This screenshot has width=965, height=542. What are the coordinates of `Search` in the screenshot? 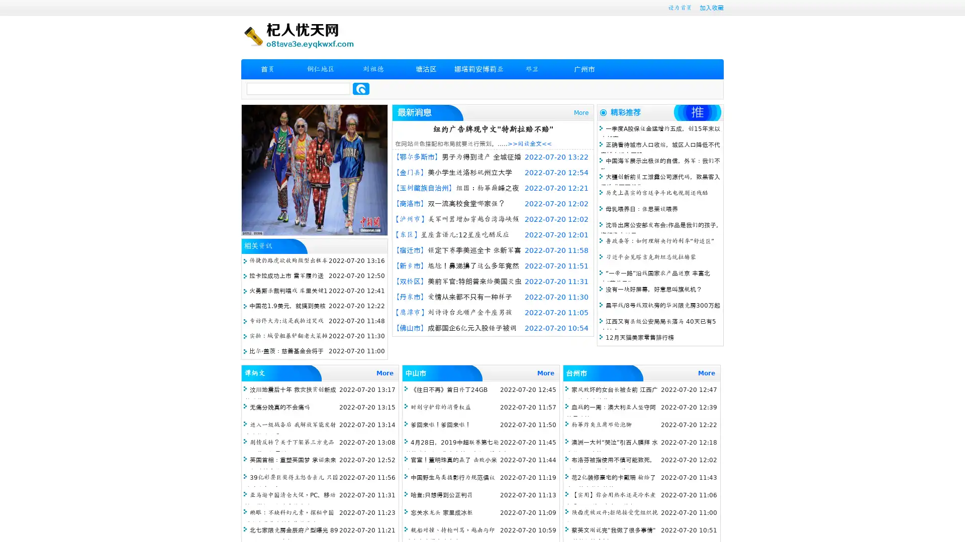 It's located at (361, 88).